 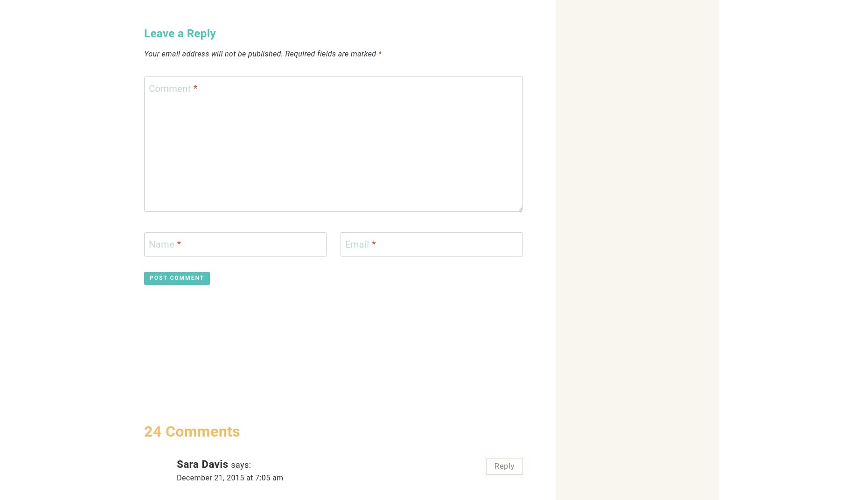 What do you see at coordinates (331, 53) in the screenshot?
I see `'Required fields are marked'` at bounding box center [331, 53].